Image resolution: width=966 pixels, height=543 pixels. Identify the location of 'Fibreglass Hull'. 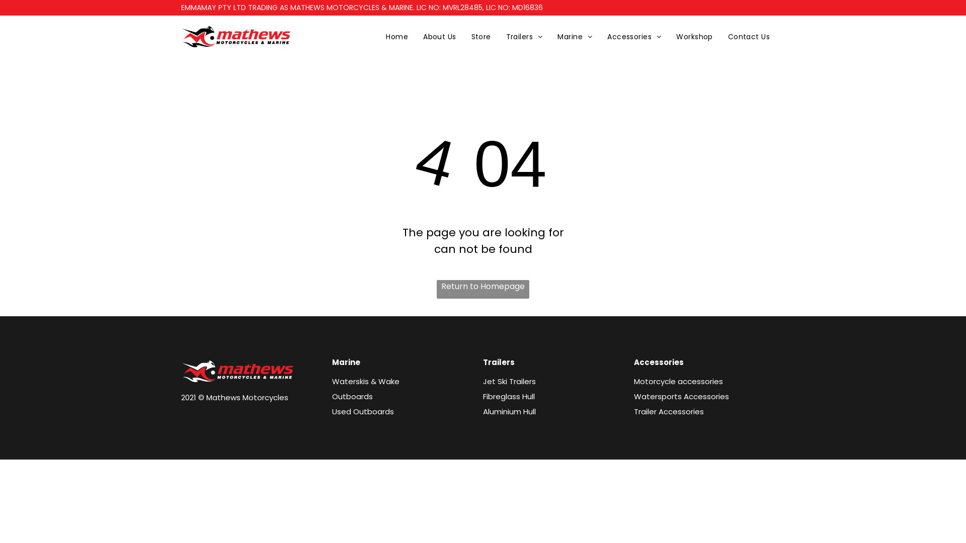
(483, 396).